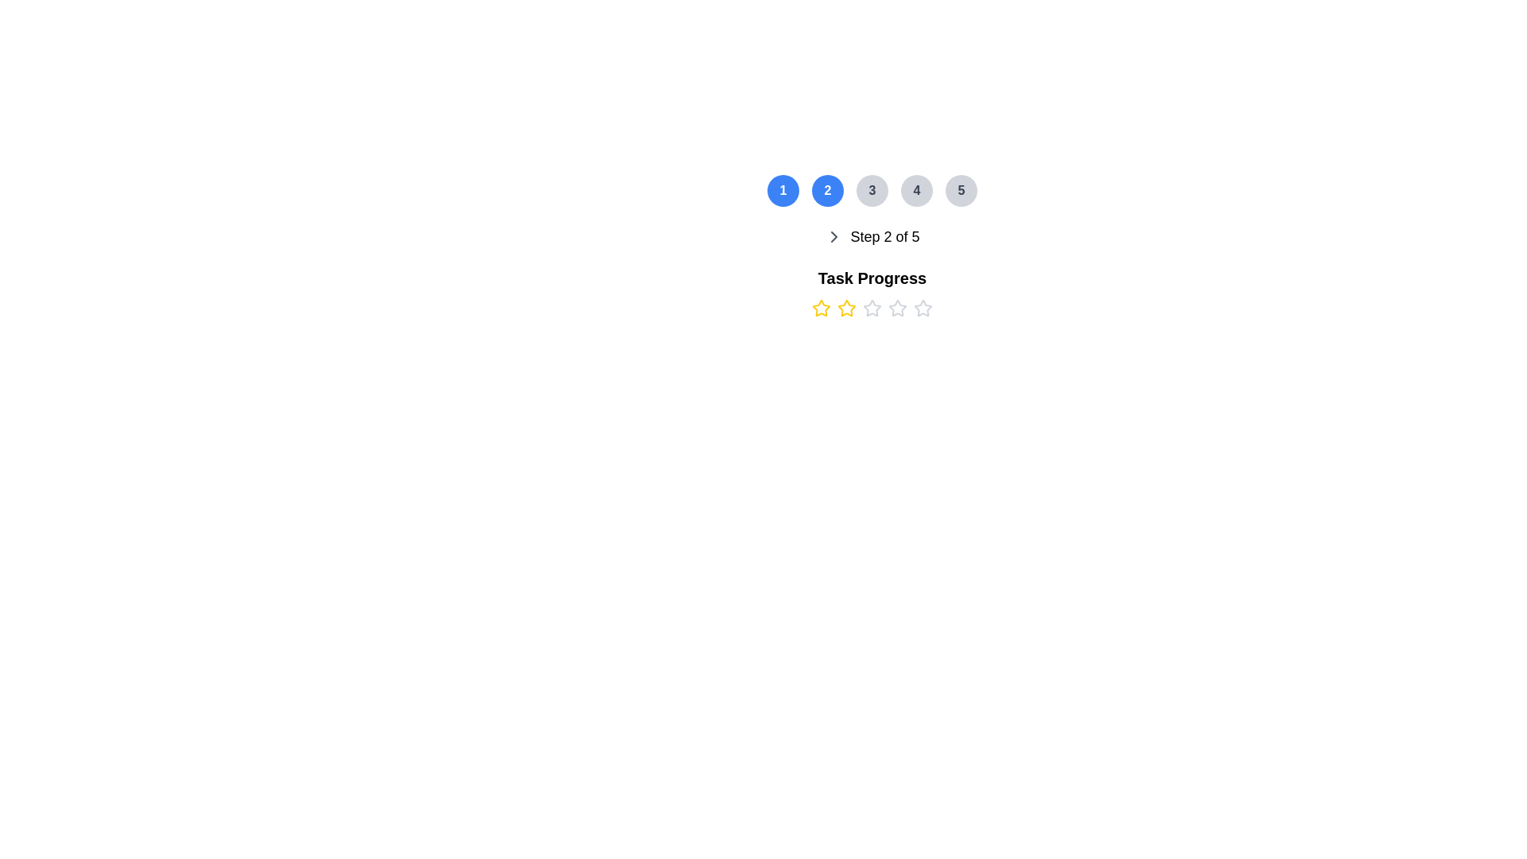  I want to click on the second star icon used for rating under the 'Task Progress' label, so click(845, 307).